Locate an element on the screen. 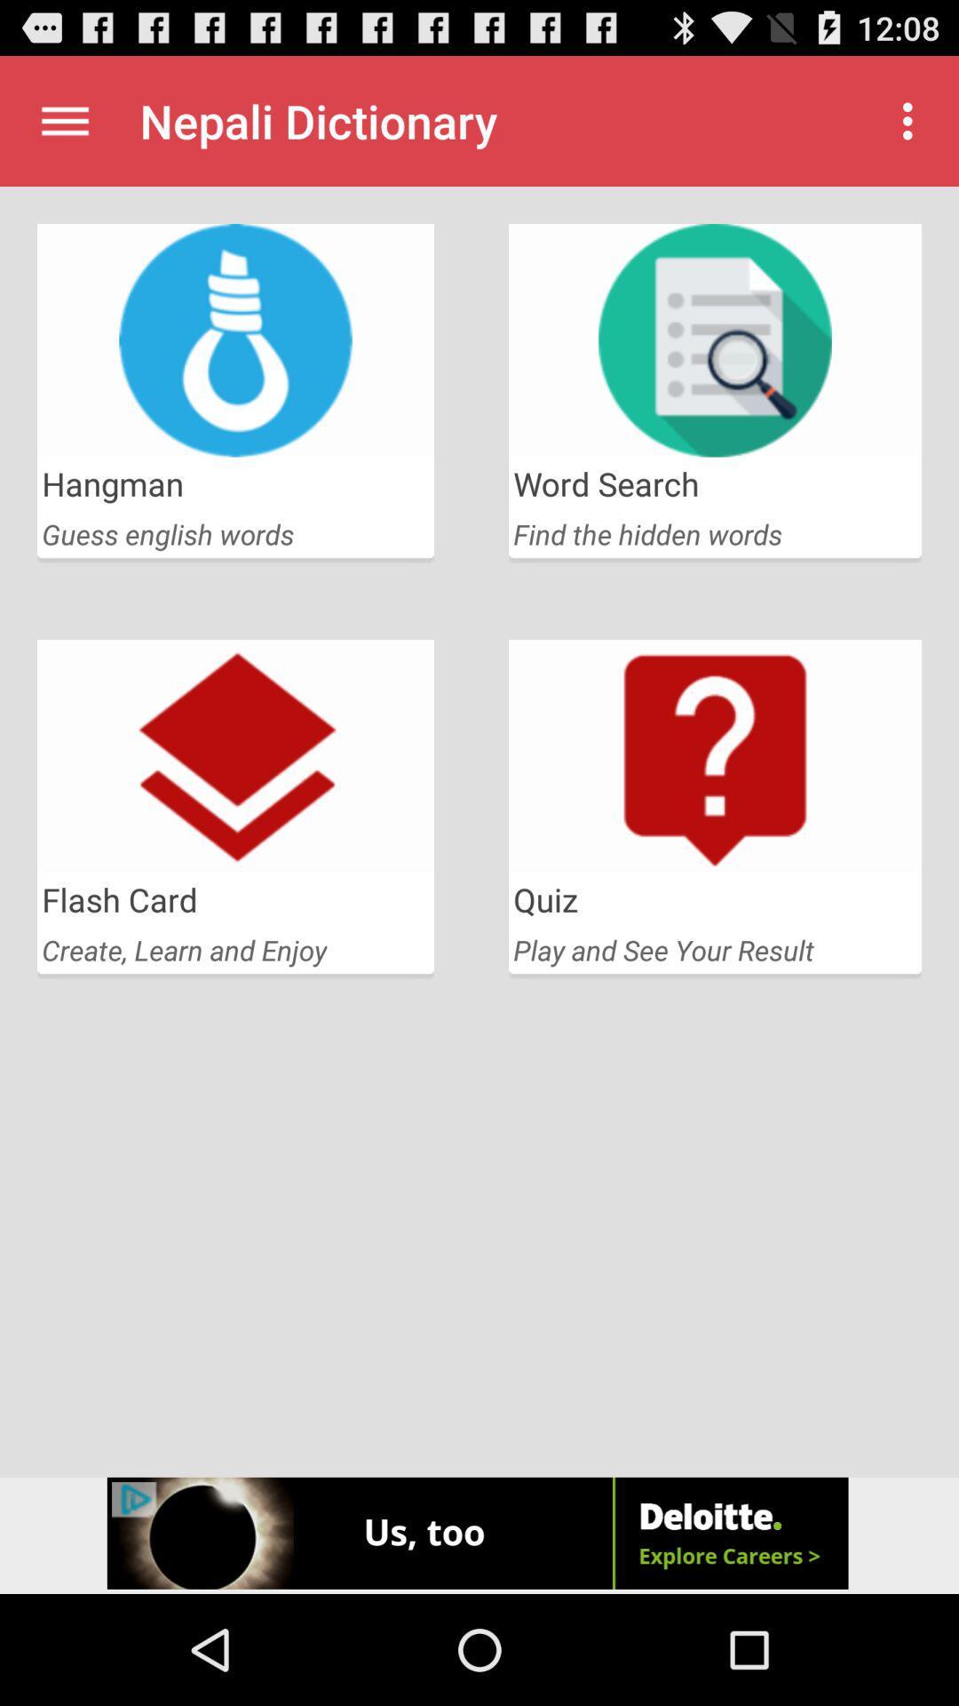  deloitte advertisement is located at coordinates (479, 1535).